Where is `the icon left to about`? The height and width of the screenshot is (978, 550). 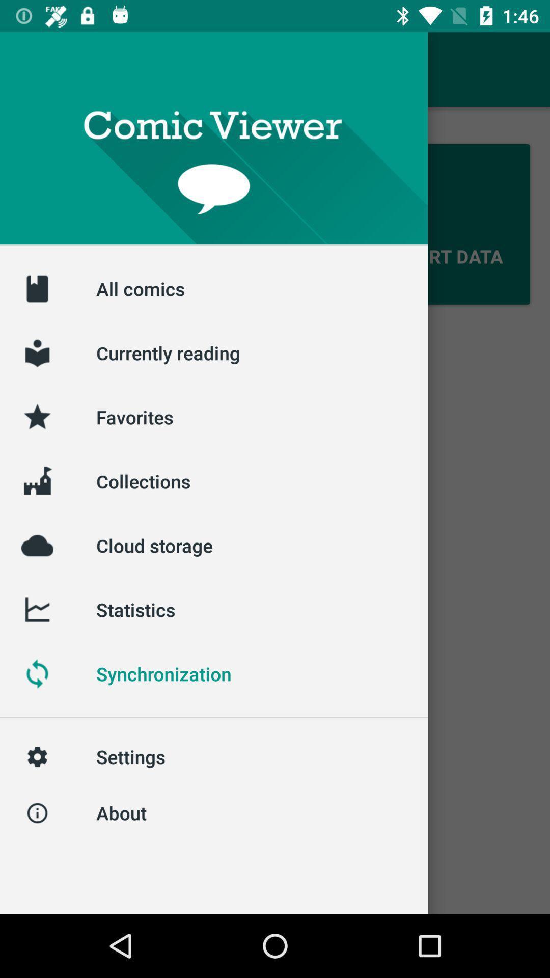
the icon left to about is located at coordinates (37, 812).